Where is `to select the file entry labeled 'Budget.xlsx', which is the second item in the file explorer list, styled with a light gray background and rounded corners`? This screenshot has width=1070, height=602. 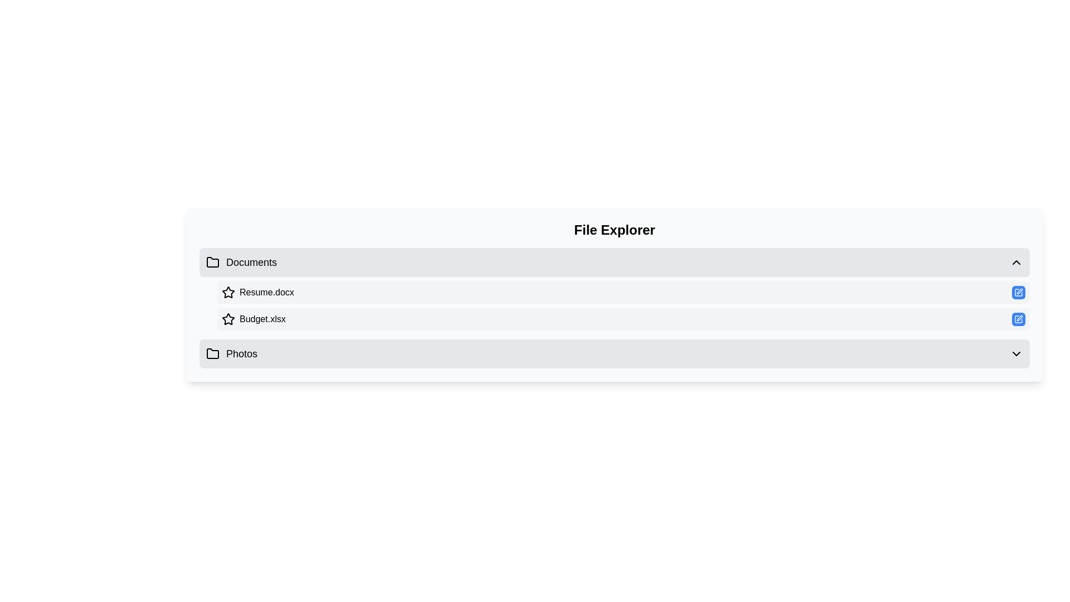
to select the file entry labeled 'Budget.xlsx', which is the second item in the file explorer list, styled with a light gray background and rounded corners is located at coordinates (622, 319).